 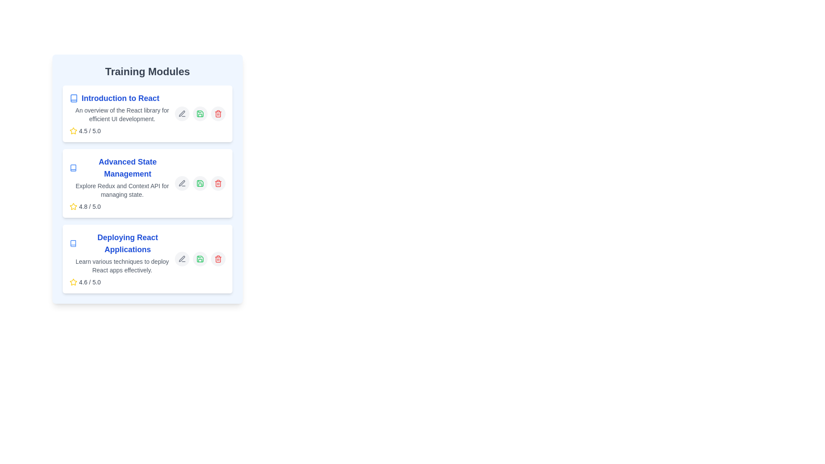 I want to click on the text label reading '4.6 / 5.0' located in the rating display section of the third card titled 'Deploying React Applications', so click(x=90, y=282).